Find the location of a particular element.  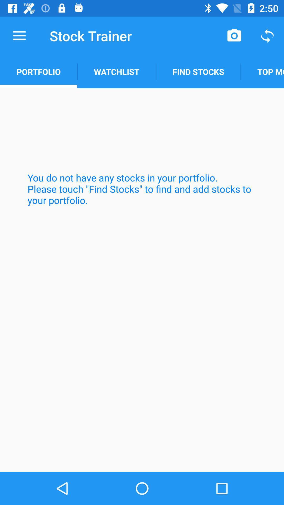

the item next to find stocks item is located at coordinates (116, 72).